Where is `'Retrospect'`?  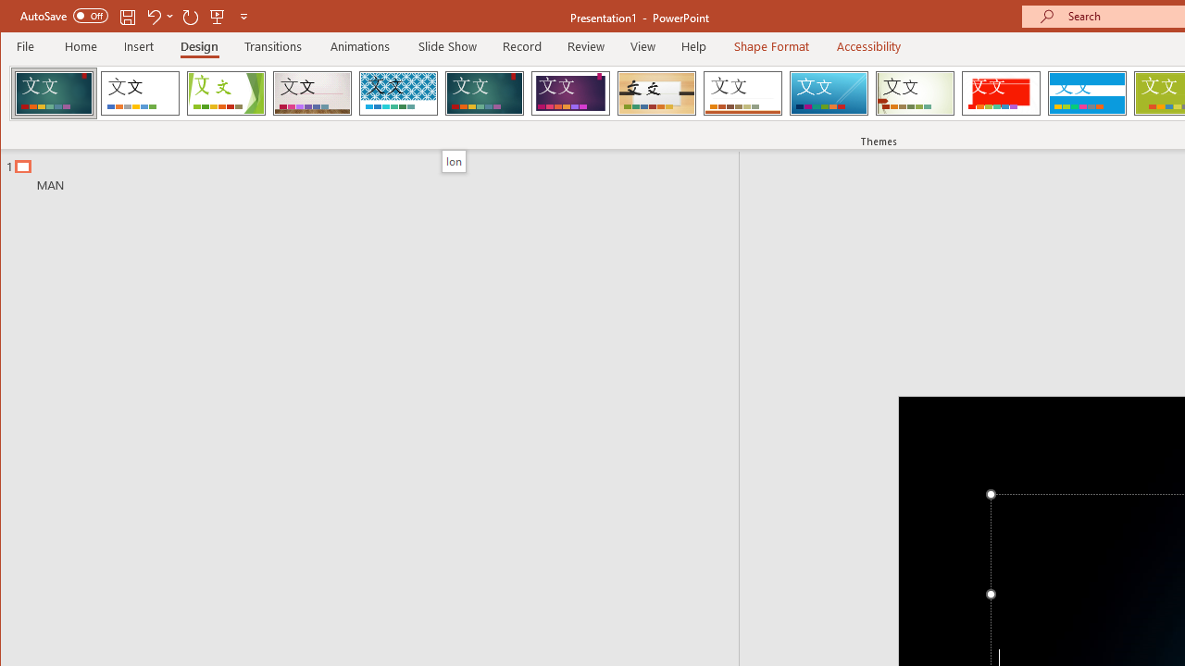
'Retrospect' is located at coordinates (742, 92).